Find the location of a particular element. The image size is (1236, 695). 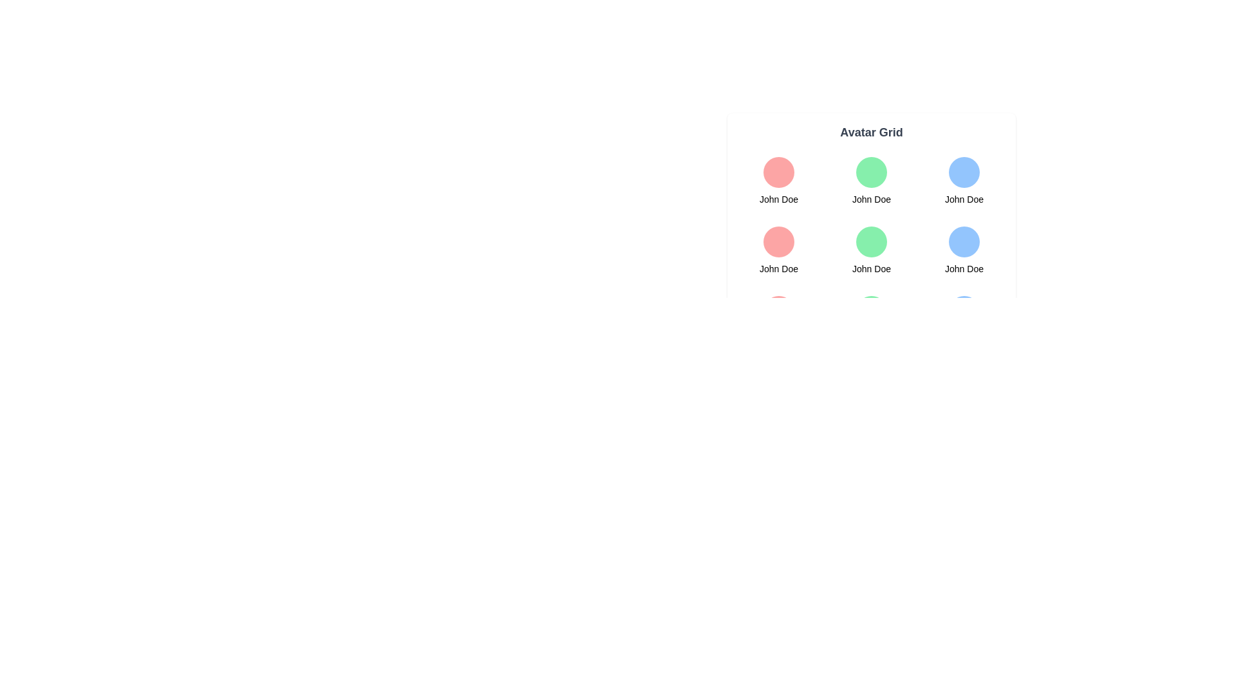

the avatar and name label located in the second row and first column of the grid layout is located at coordinates (778, 250).